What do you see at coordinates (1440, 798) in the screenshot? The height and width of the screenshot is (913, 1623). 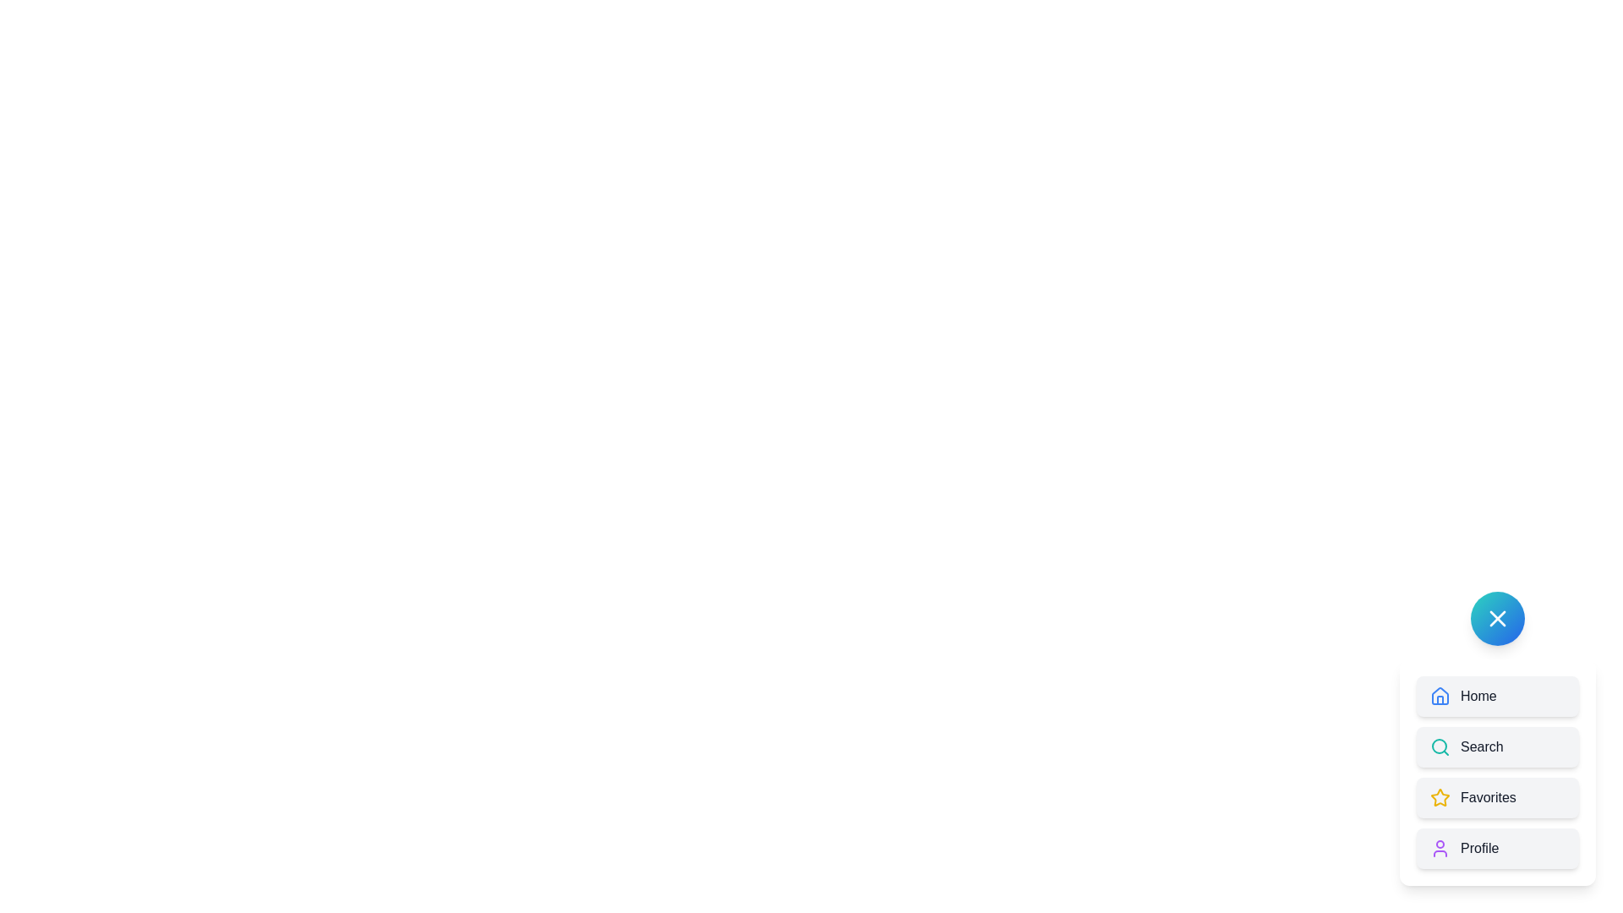 I see `the yellow outlined star icon located to the left of the 'Favorites' label in the menu list` at bounding box center [1440, 798].